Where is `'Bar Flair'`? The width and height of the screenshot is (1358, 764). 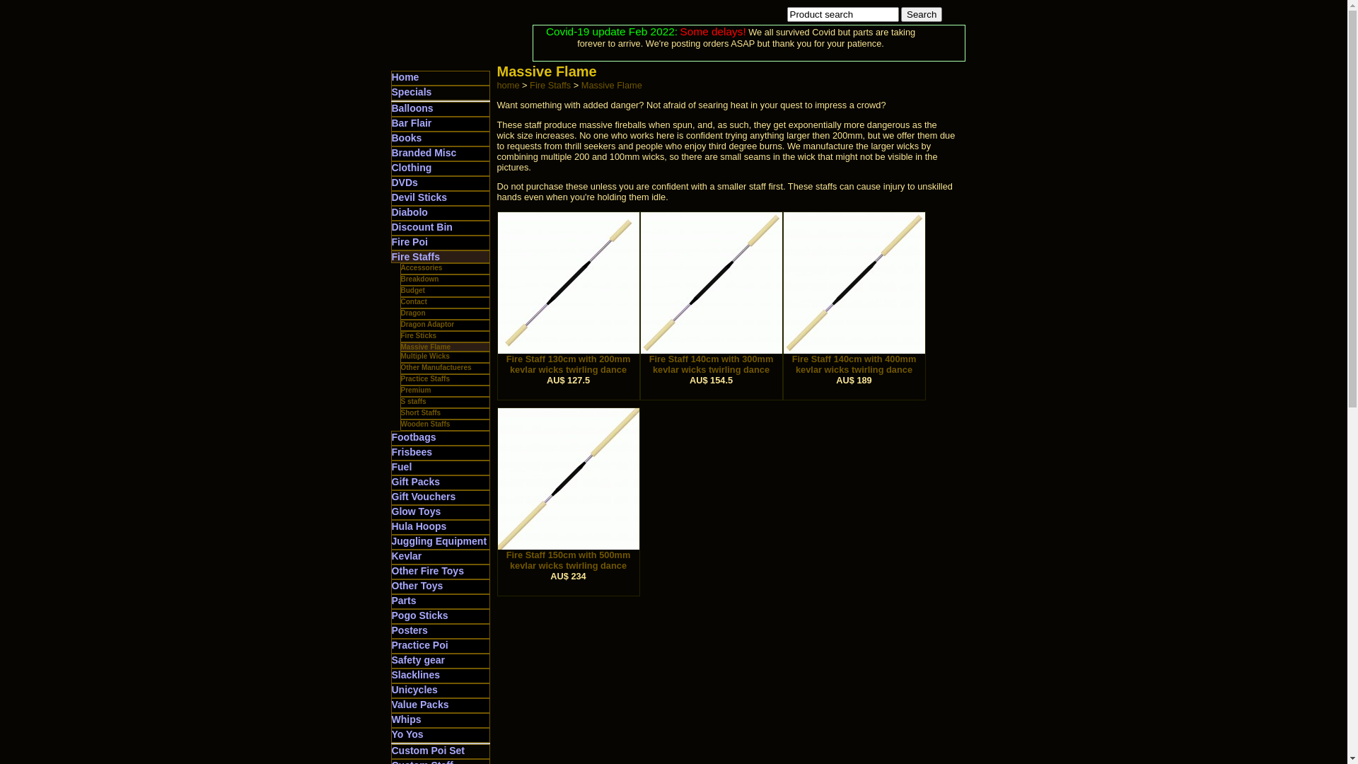 'Bar Flair' is located at coordinates (411, 122).